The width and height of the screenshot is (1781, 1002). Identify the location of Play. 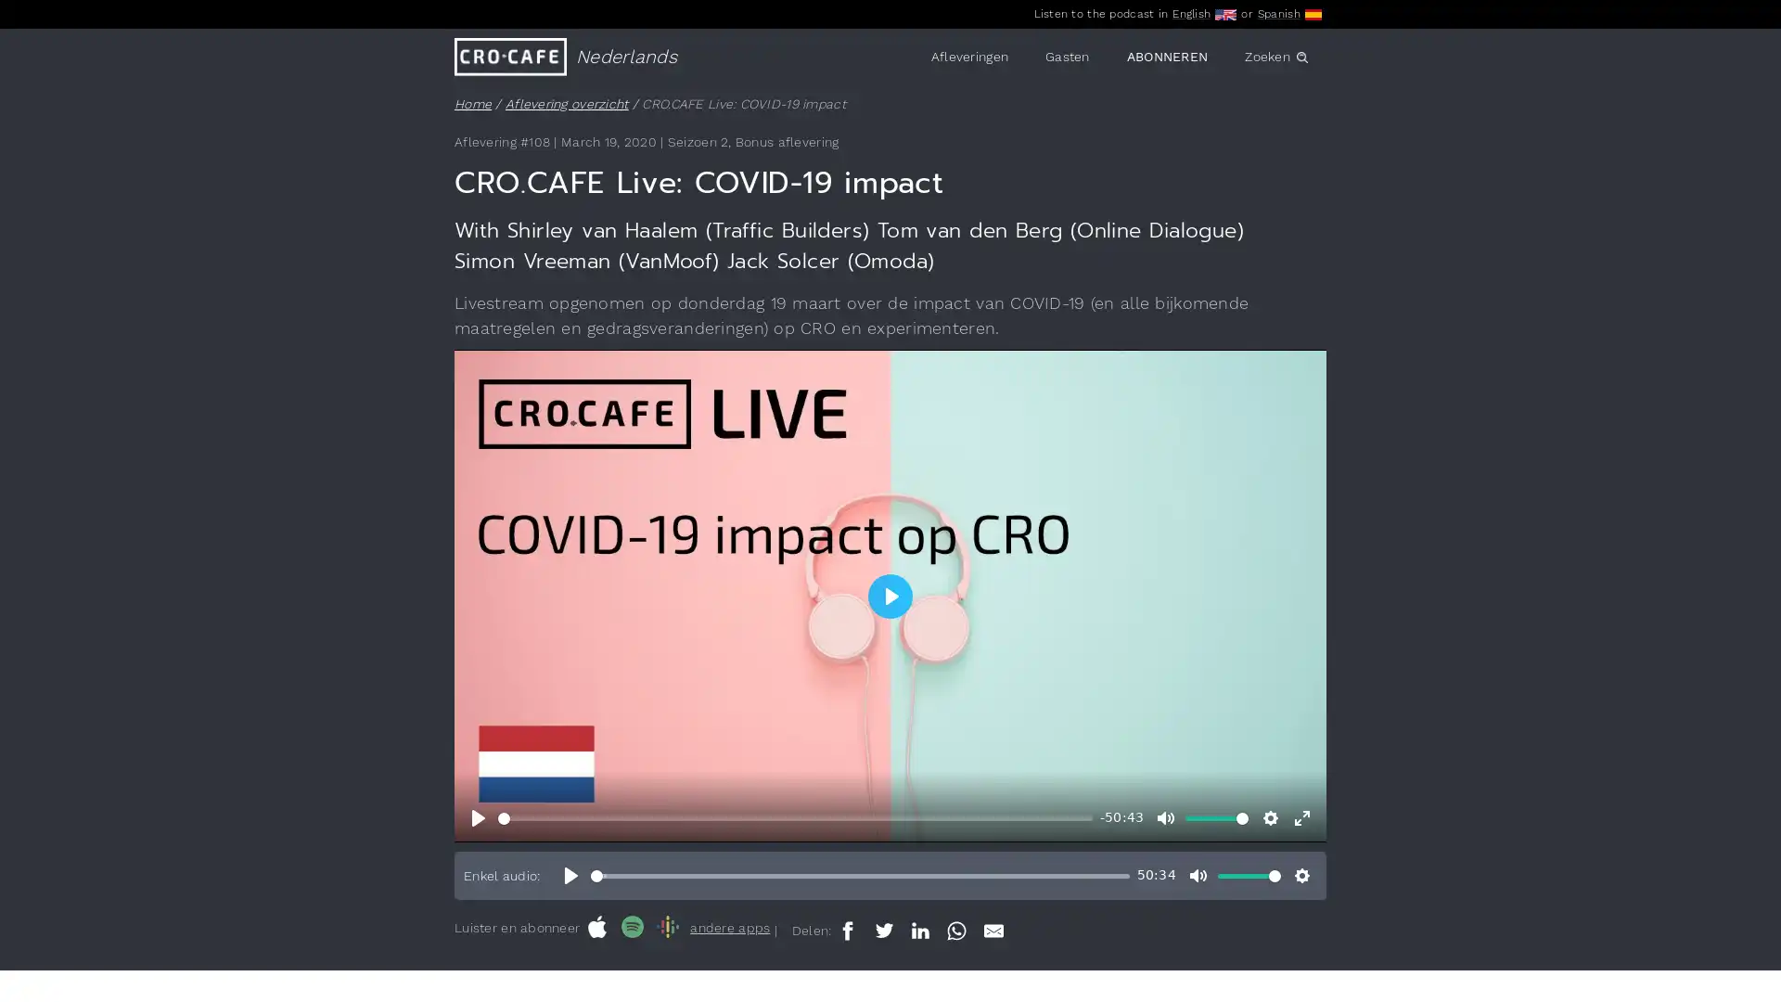
(570, 876).